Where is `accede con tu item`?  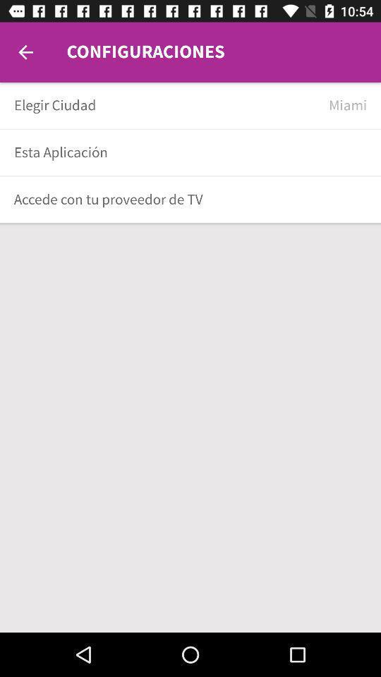 accede con tu item is located at coordinates (186, 199).